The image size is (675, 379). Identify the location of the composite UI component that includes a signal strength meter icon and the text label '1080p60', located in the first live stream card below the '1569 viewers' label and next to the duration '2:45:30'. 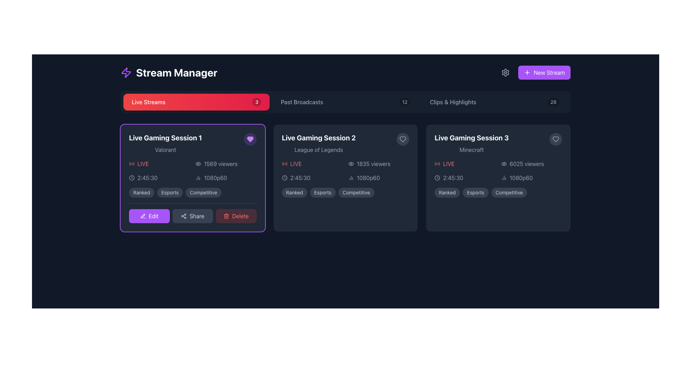
(226, 177).